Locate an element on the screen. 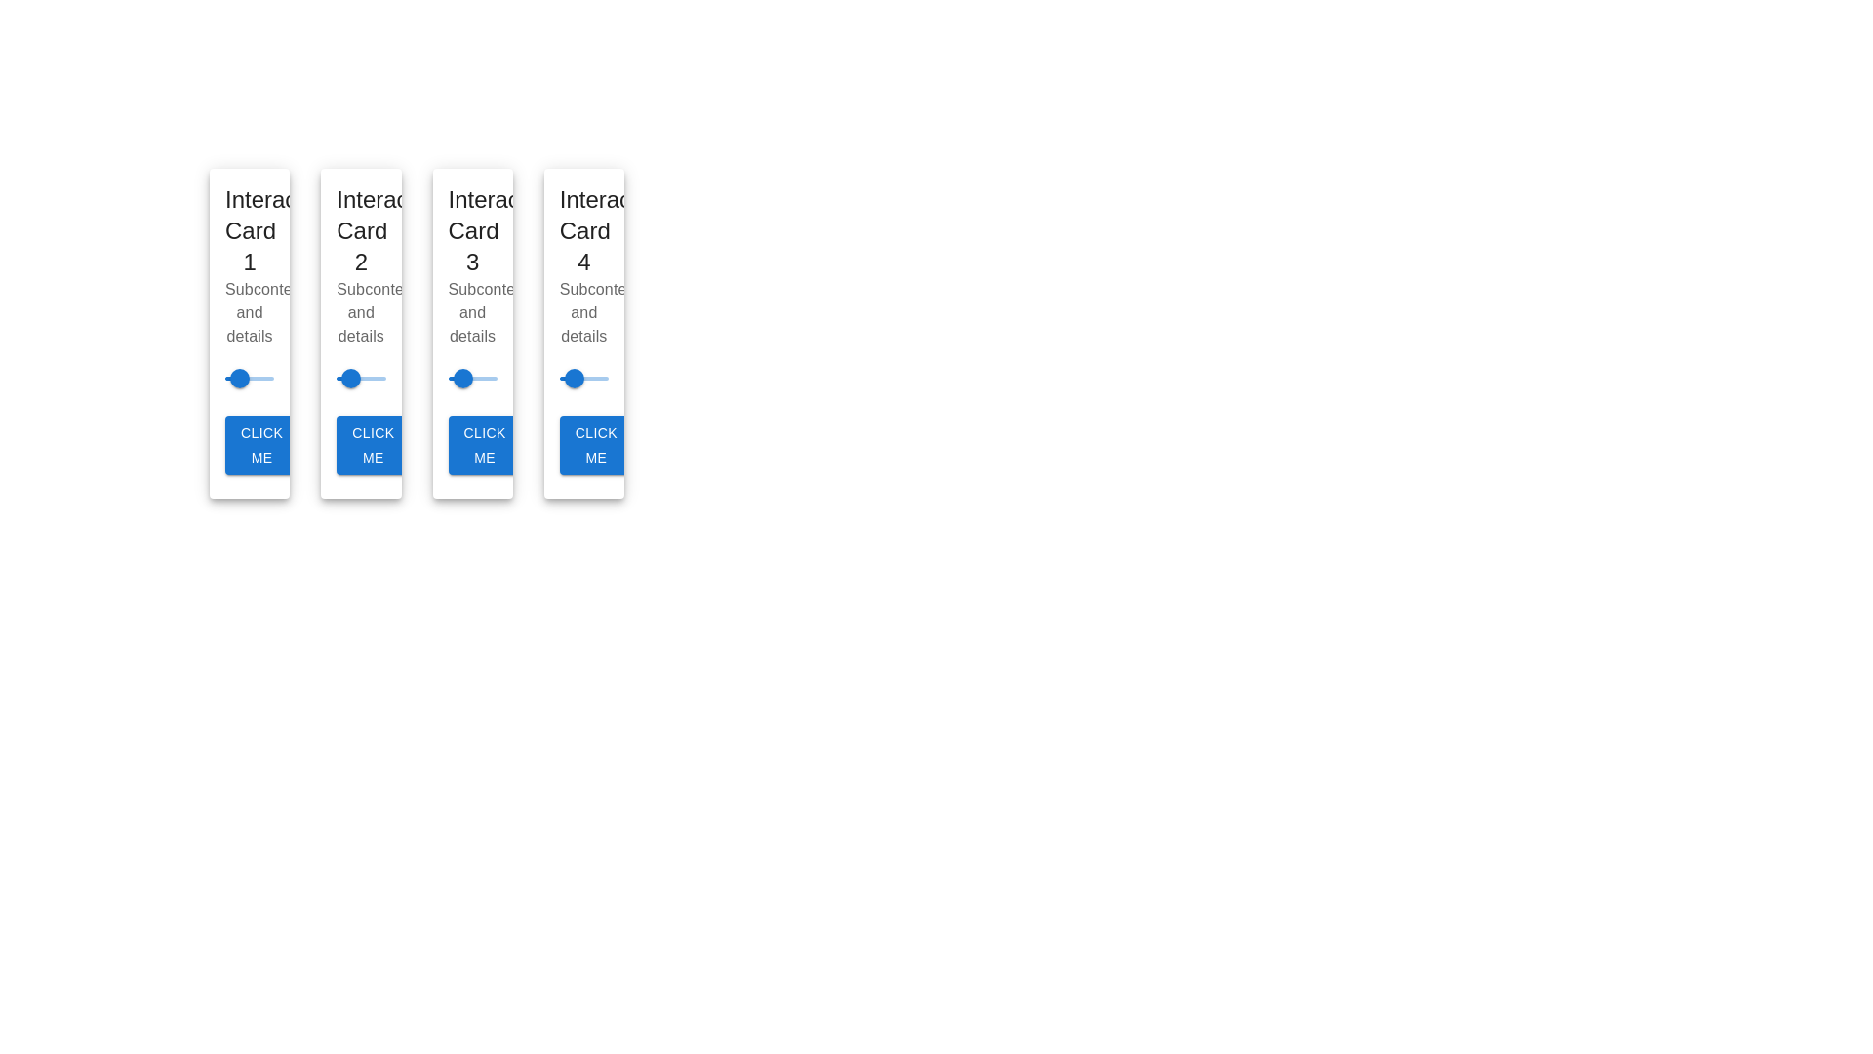  the slider is located at coordinates (362, 379).